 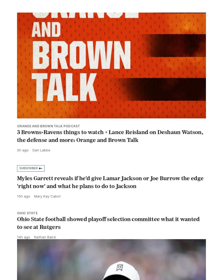 What do you see at coordinates (23, 207) in the screenshot?
I see `'15h ago'` at bounding box center [23, 207].